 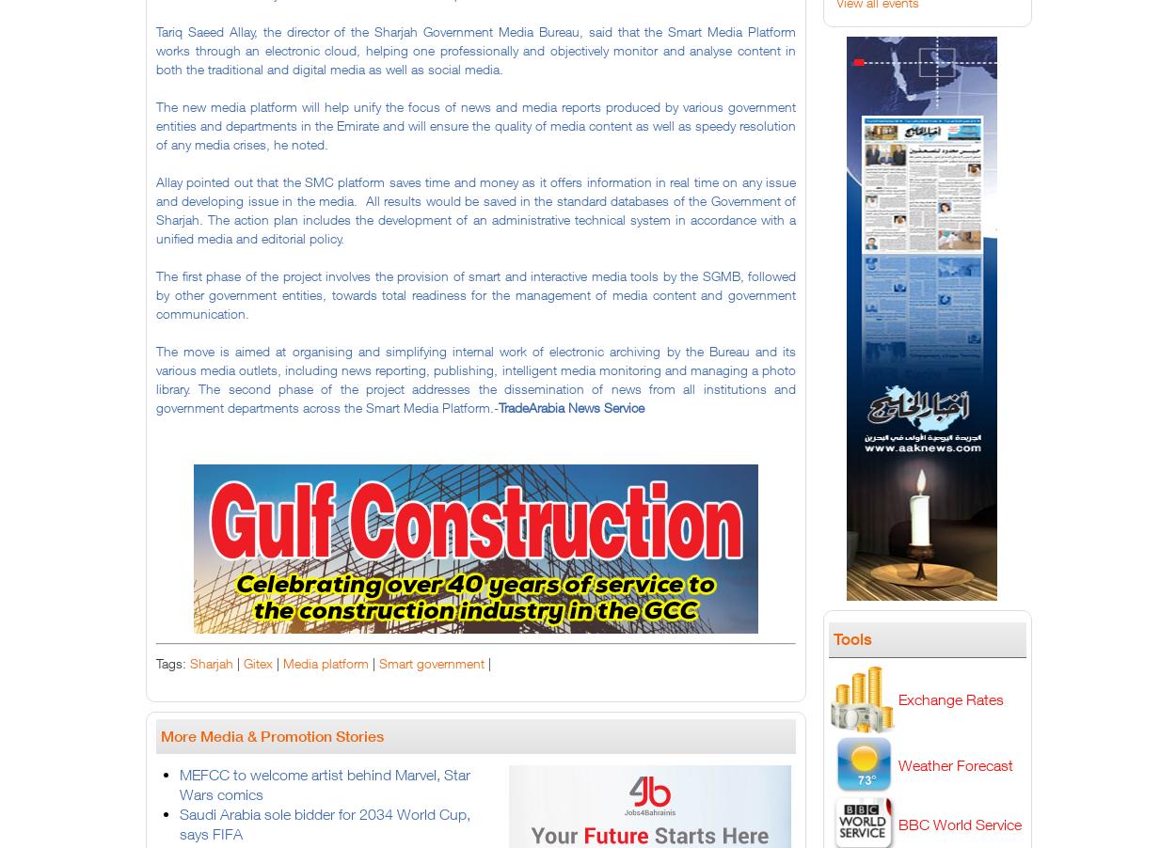 I want to click on 'Media platform', so click(x=325, y=663).